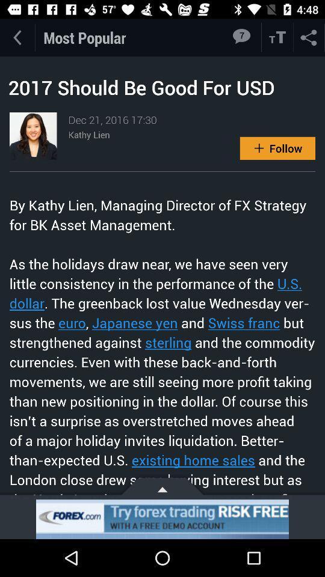 The width and height of the screenshot is (325, 577). Describe the element at coordinates (16, 37) in the screenshot. I see `go back` at that location.